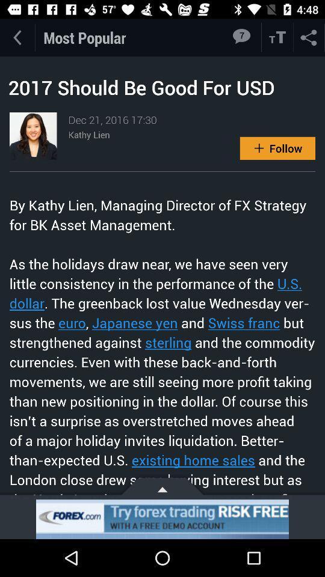 The width and height of the screenshot is (325, 577). Describe the element at coordinates (16, 37) in the screenshot. I see `go back` at that location.